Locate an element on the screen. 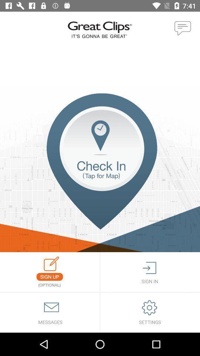 Image resolution: width=200 pixels, height=356 pixels. settings screen is located at coordinates (150, 312).